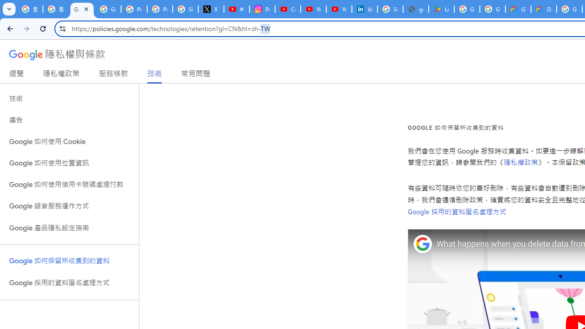 This screenshot has height=329, width=585. What do you see at coordinates (237, 9) in the screenshot?
I see `'#nbabasketballhighlights - YouTube'` at bounding box center [237, 9].